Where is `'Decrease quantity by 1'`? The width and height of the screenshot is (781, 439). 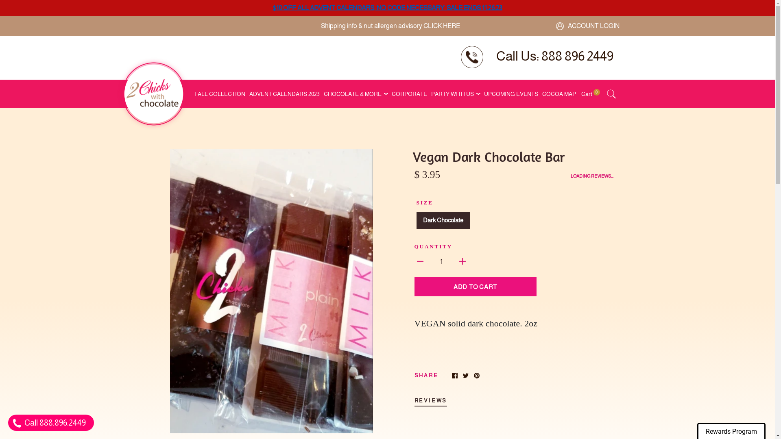 'Decrease quantity by 1' is located at coordinates (420, 261).